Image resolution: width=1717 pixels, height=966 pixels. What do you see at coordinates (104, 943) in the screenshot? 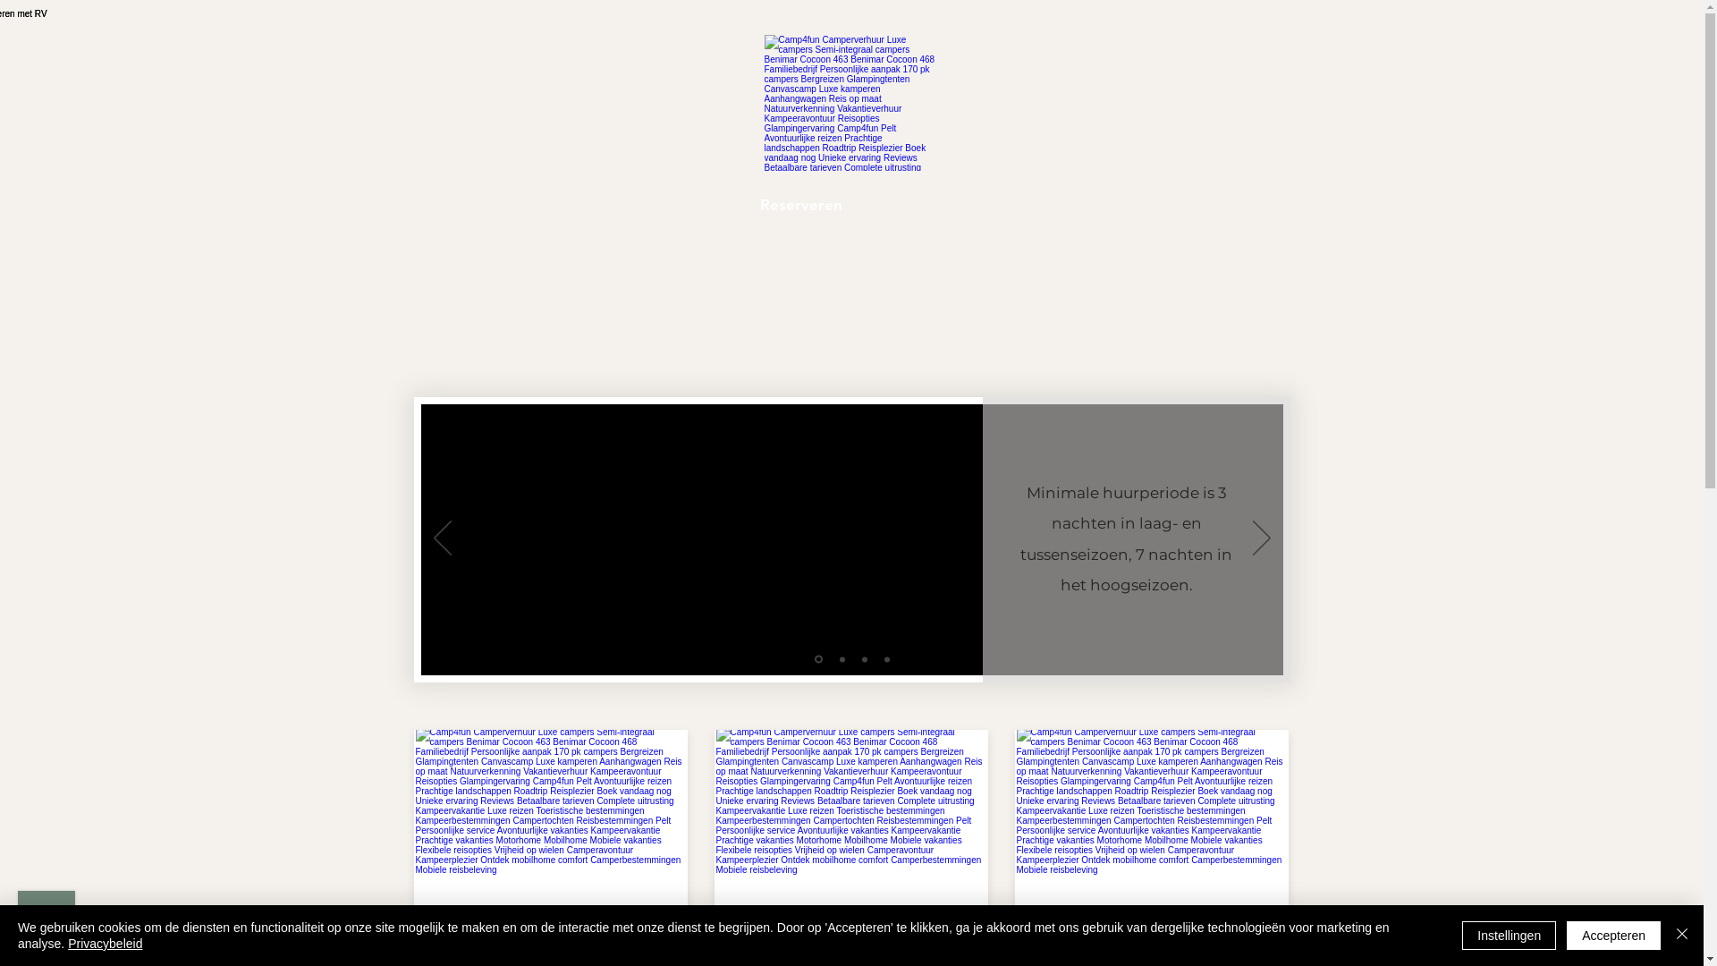
I see `'Privacybeleid'` at bounding box center [104, 943].